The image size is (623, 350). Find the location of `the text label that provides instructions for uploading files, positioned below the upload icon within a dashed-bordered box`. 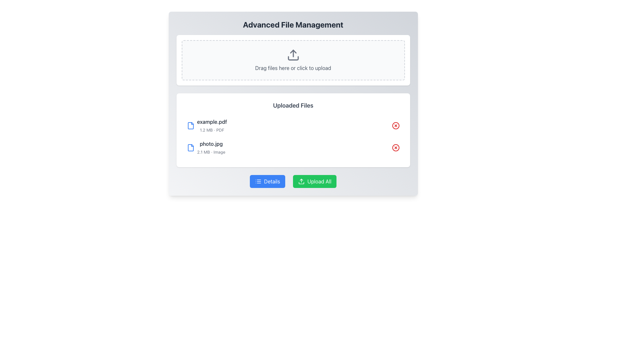

the text label that provides instructions for uploading files, positioned below the upload icon within a dashed-bordered box is located at coordinates (293, 68).